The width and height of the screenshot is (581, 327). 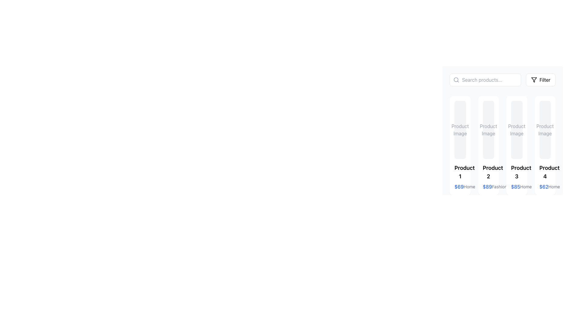 I want to click on the product pricing label indicating the price of $69, which is positioned under the 'Product 1' label and to the left of the text 'Home', so click(x=459, y=187).